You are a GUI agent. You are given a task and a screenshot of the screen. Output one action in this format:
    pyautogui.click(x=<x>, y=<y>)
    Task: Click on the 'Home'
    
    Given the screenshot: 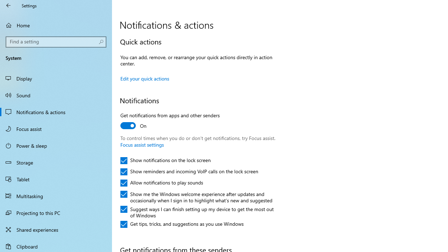 What is the action you would take?
    pyautogui.click(x=56, y=25)
    